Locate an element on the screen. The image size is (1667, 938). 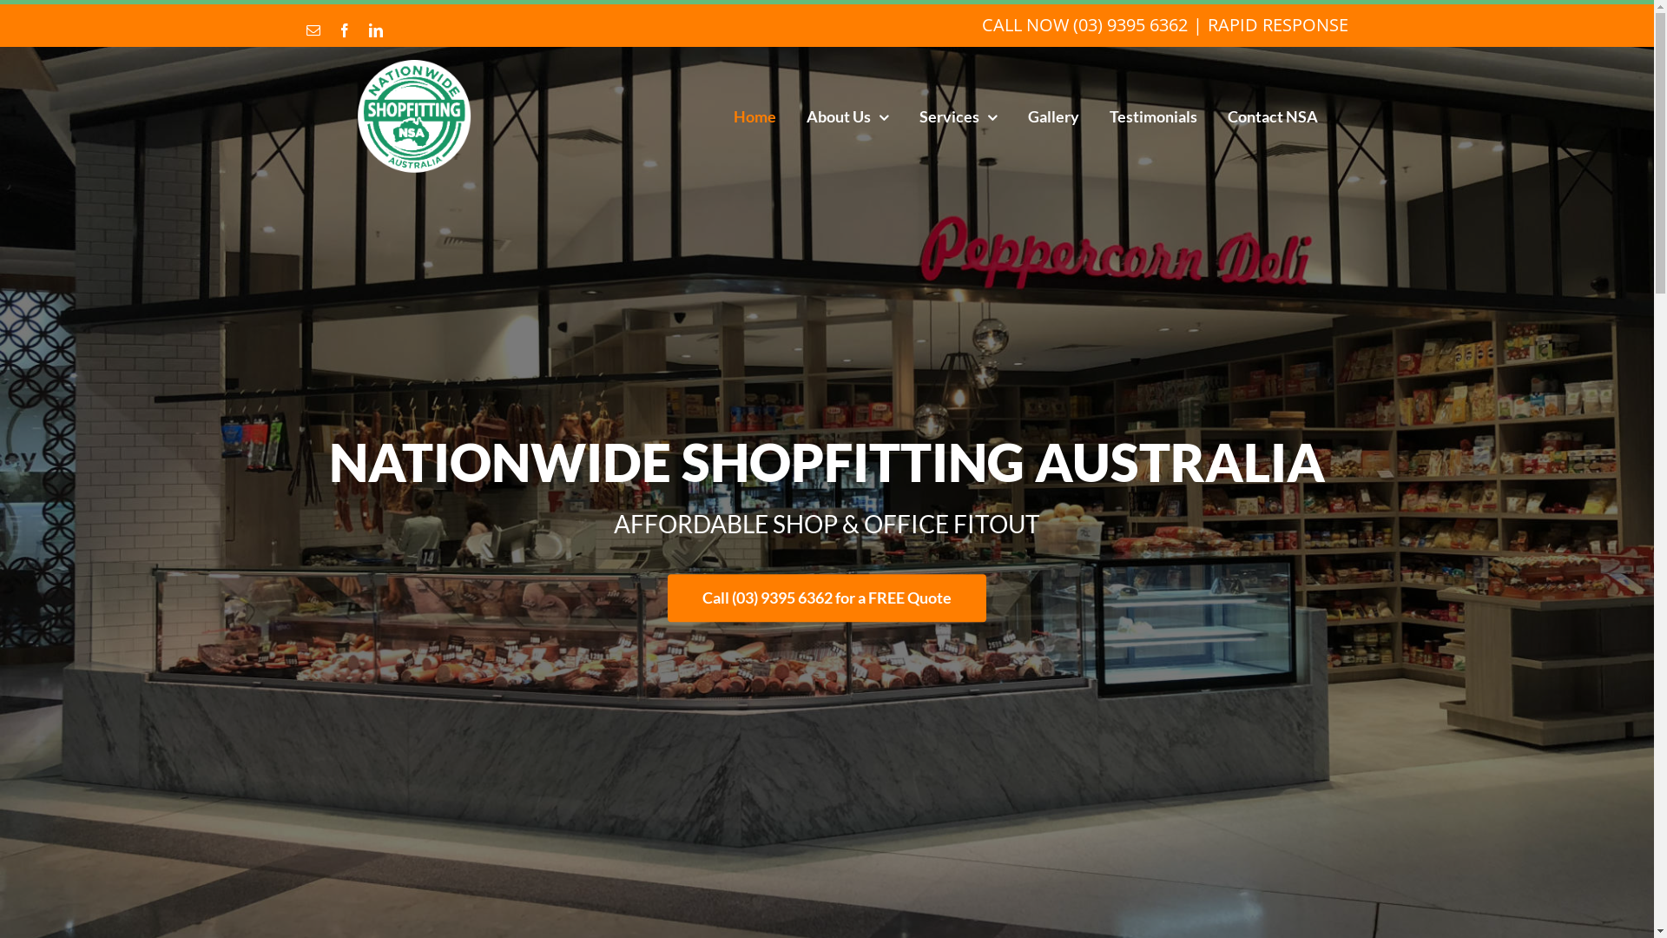
'Testimonials' is located at coordinates (1153, 116).